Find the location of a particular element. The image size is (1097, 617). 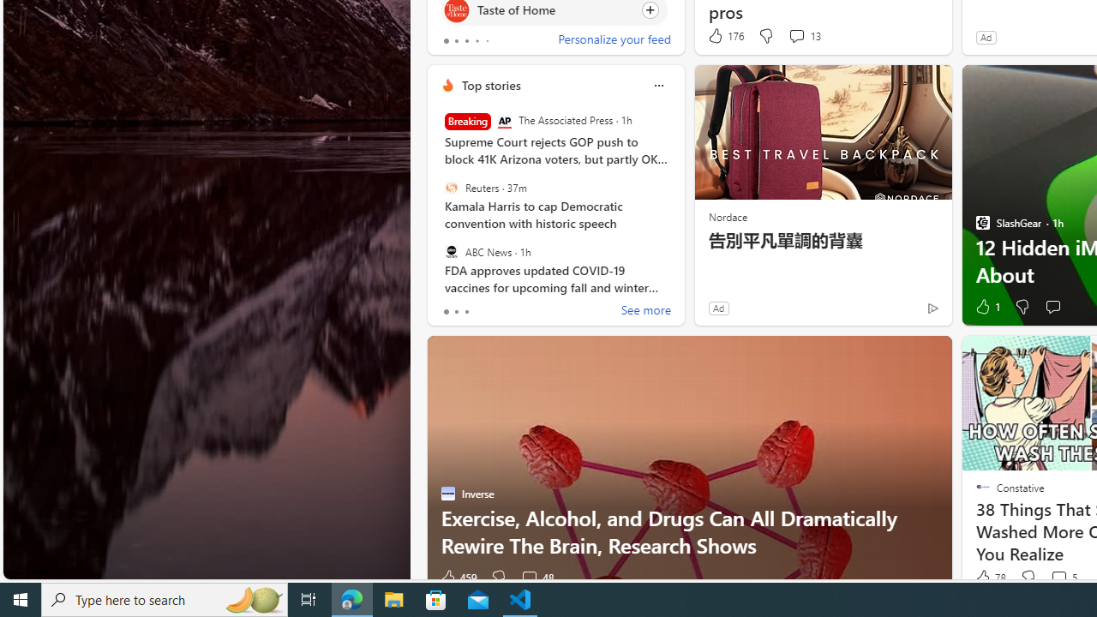

'tab-2' is located at coordinates (466, 311).